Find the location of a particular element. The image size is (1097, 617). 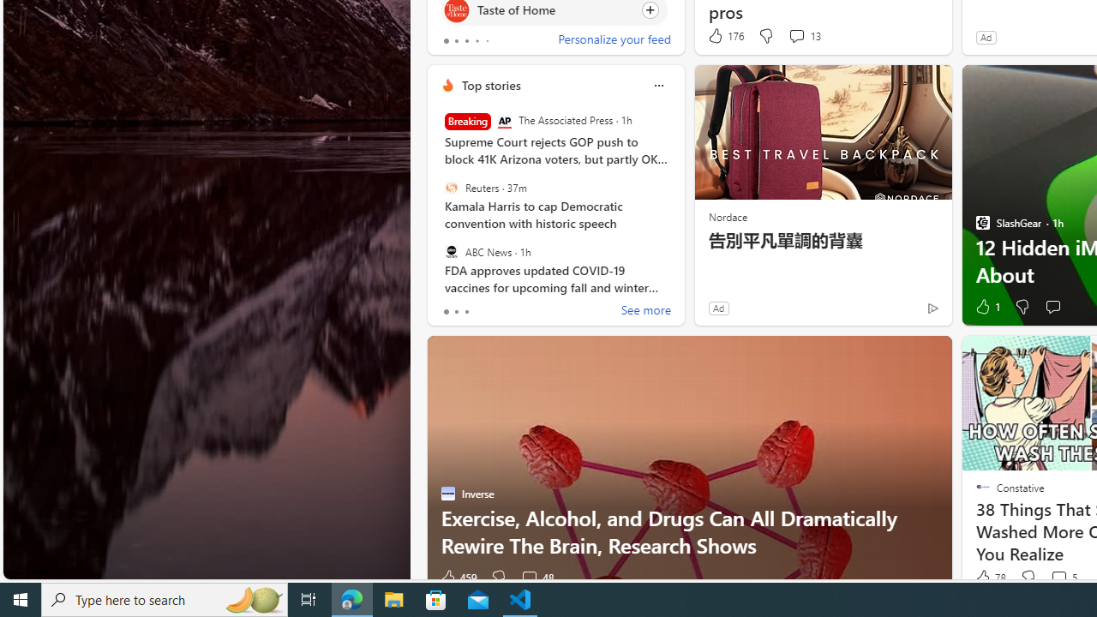

'tab-2' is located at coordinates (466, 311).